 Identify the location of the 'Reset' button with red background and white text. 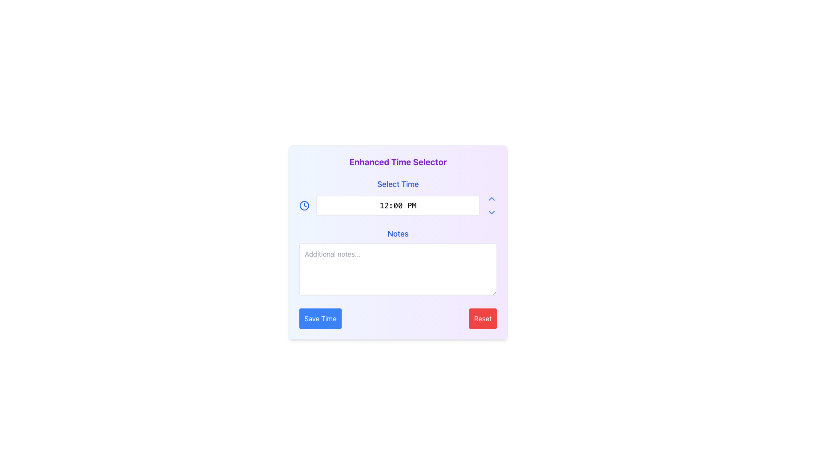
(483, 318).